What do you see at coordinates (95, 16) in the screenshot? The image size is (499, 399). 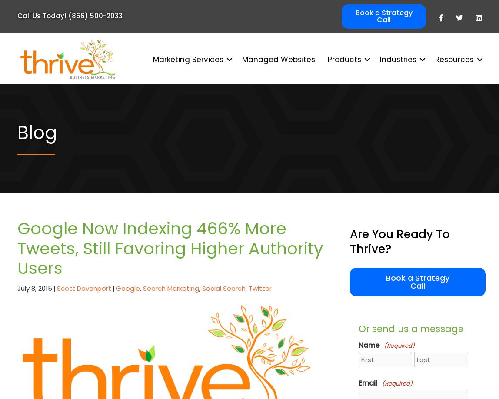 I see `'(866) 500-2033'` at bounding box center [95, 16].